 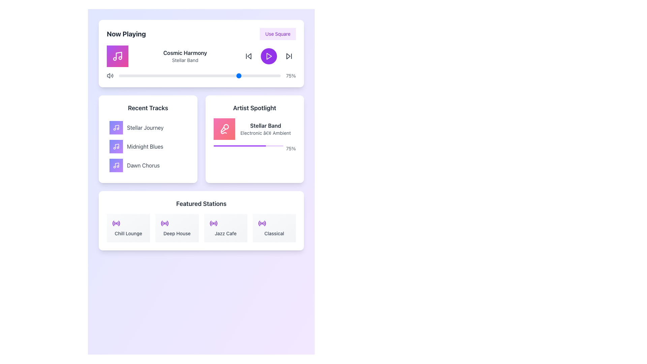 What do you see at coordinates (148, 127) in the screenshot?
I see `the list item displaying 'Stellar Journey' which features a white music note icon on a gradient background` at bounding box center [148, 127].